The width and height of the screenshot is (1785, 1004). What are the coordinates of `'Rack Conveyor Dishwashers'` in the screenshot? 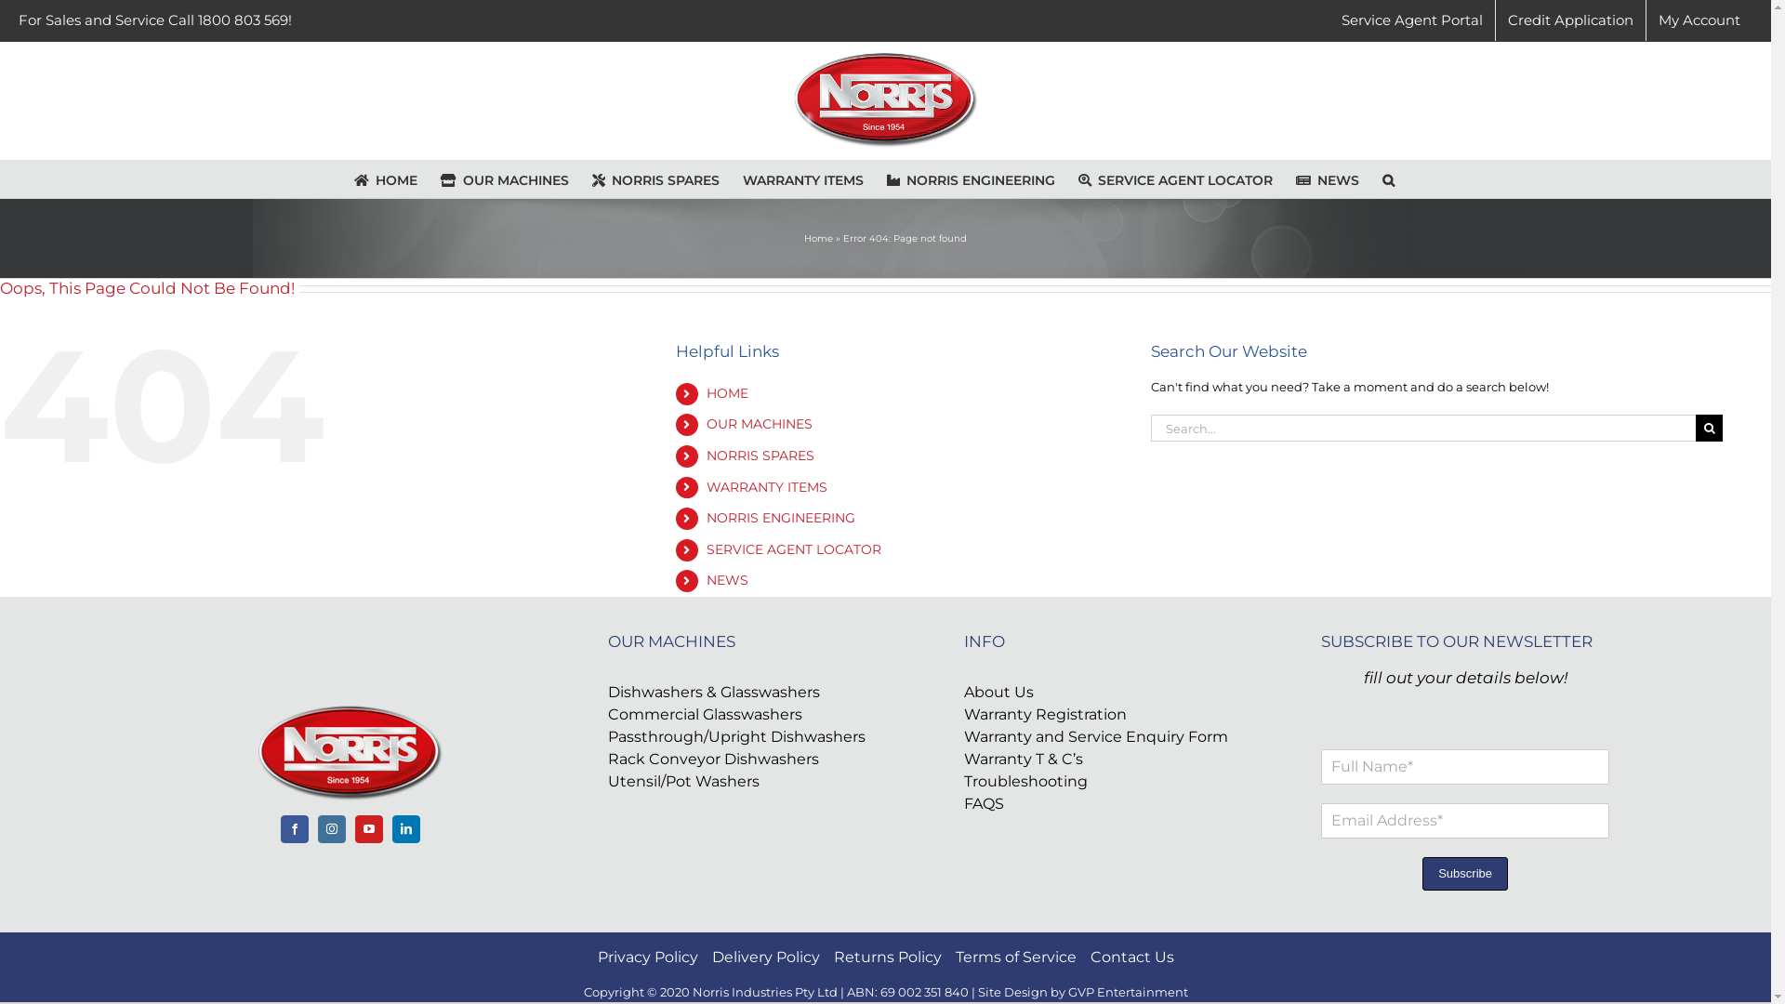 It's located at (752, 760).